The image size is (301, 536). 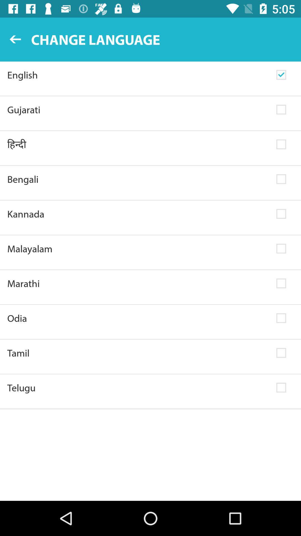 What do you see at coordinates (138, 387) in the screenshot?
I see `telugu item` at bounding box center [138, 387].